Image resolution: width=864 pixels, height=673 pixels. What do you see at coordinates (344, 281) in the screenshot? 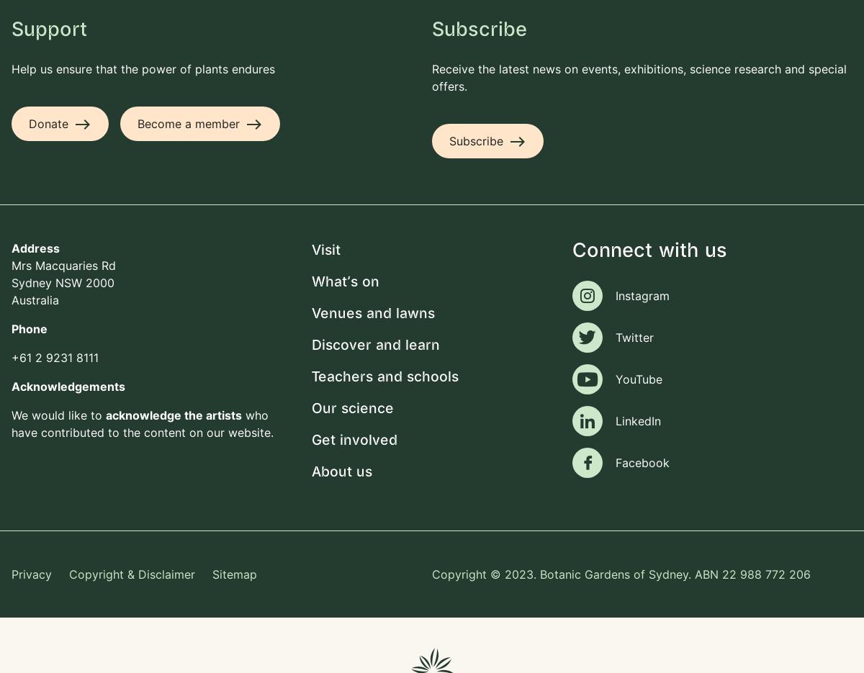
I see `'What's on'` at bounding box center [344, 281].